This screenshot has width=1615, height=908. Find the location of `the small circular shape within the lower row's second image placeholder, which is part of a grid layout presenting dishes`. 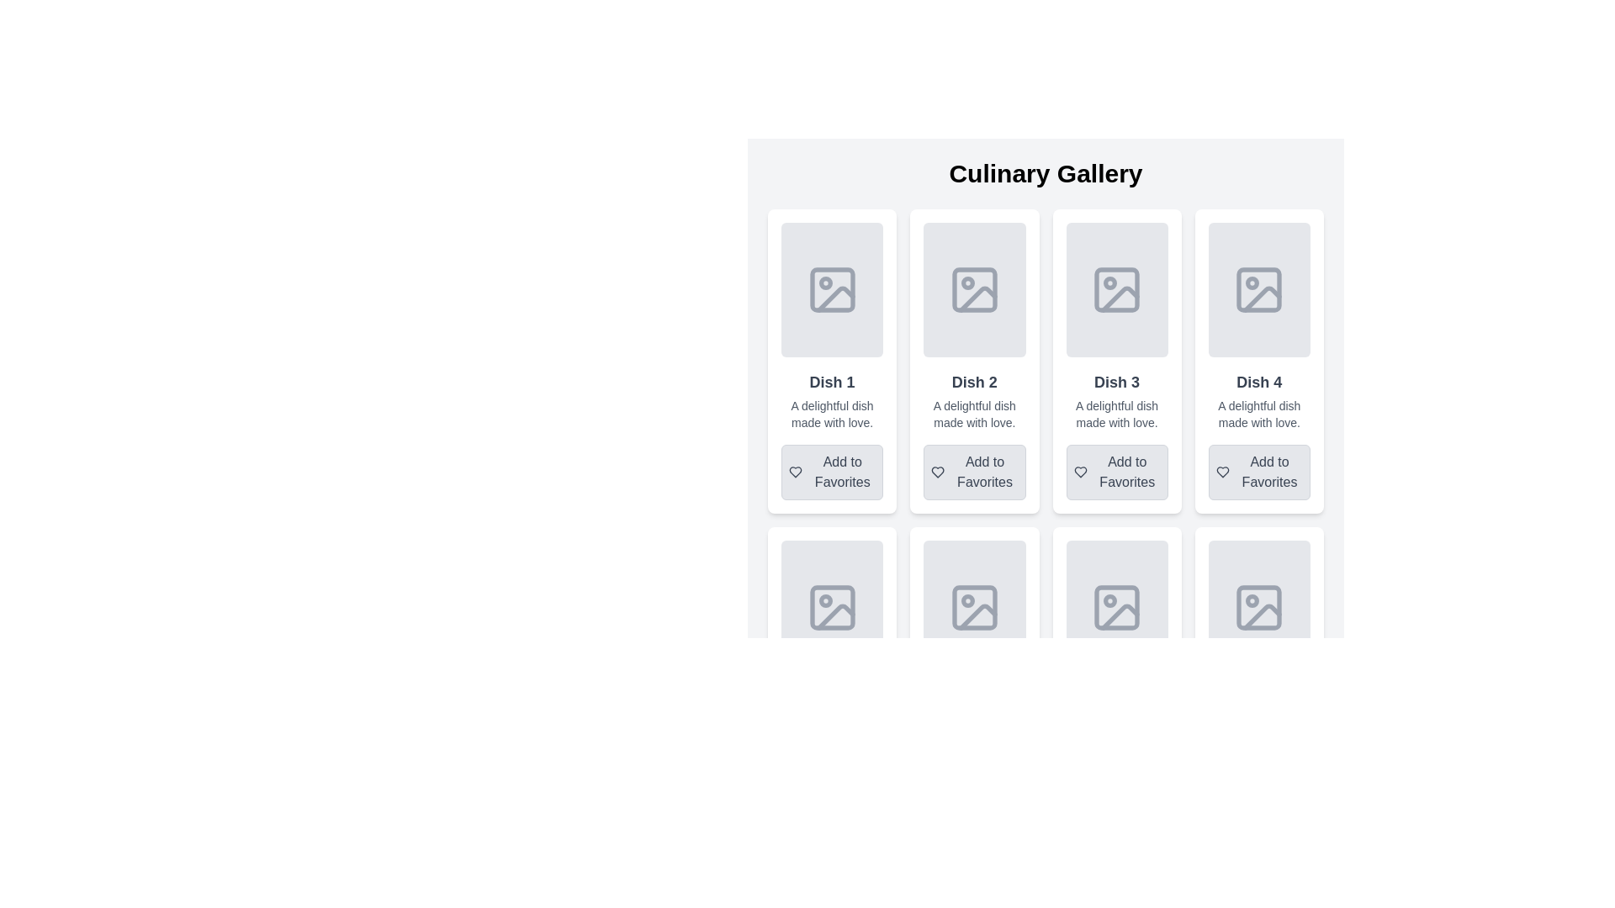

the small circular shape within the lower row's second image placeholder, which is part of a grid layout presenting dishes is located at coordinates (967, 599).